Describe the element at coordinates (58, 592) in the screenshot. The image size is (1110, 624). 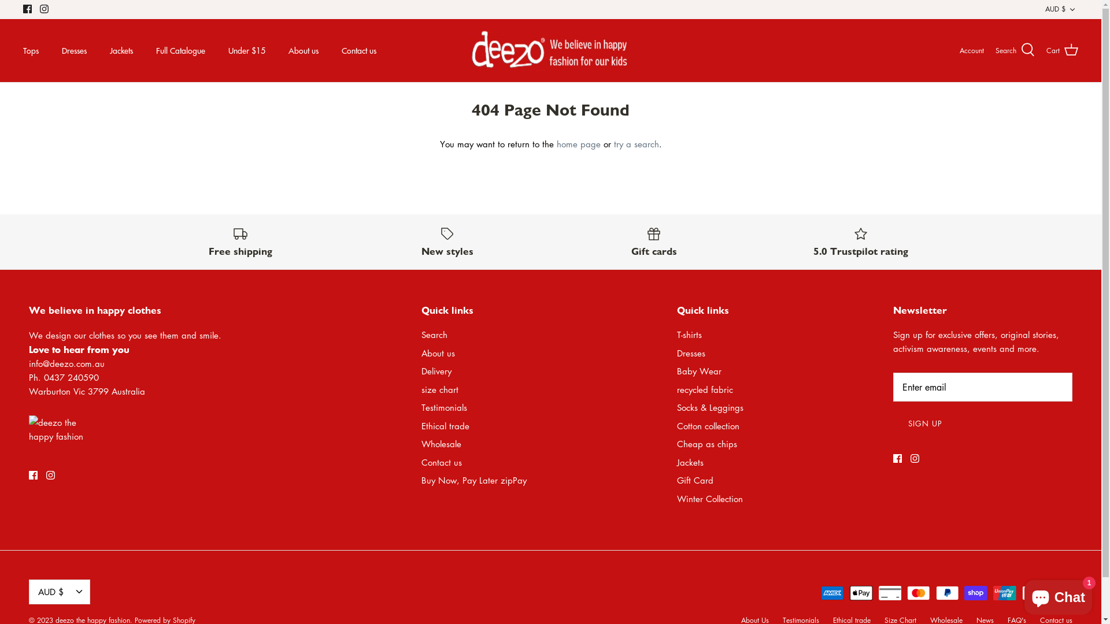
I see `'AUD $` at that location.